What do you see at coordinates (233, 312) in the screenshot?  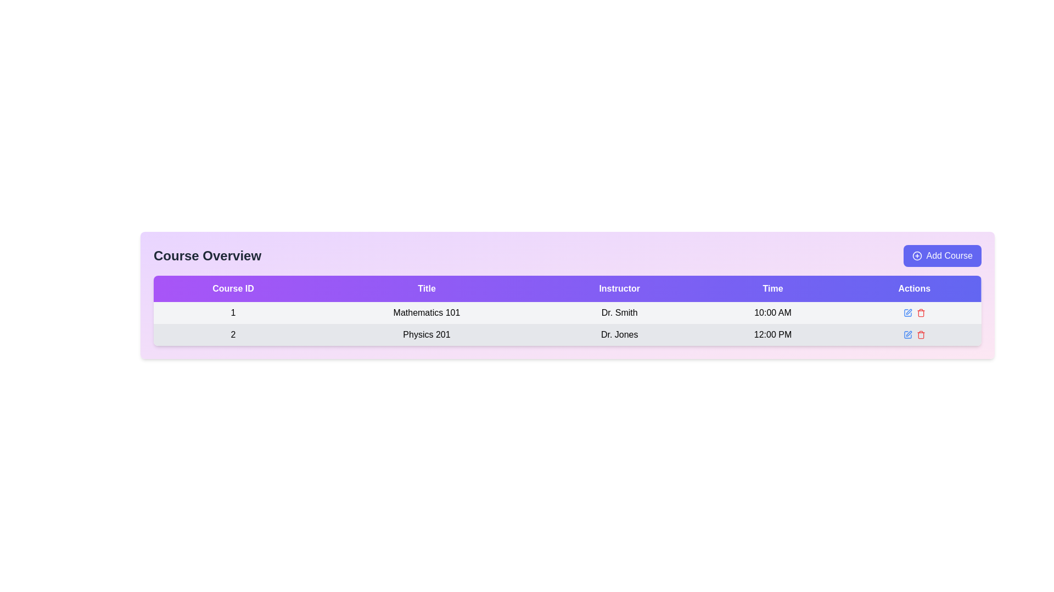 I see `the table cell displaying the number '1' in bold text, which is located in the first column of the header row under the 'Course ID' header` at bounding box center [233, 312].